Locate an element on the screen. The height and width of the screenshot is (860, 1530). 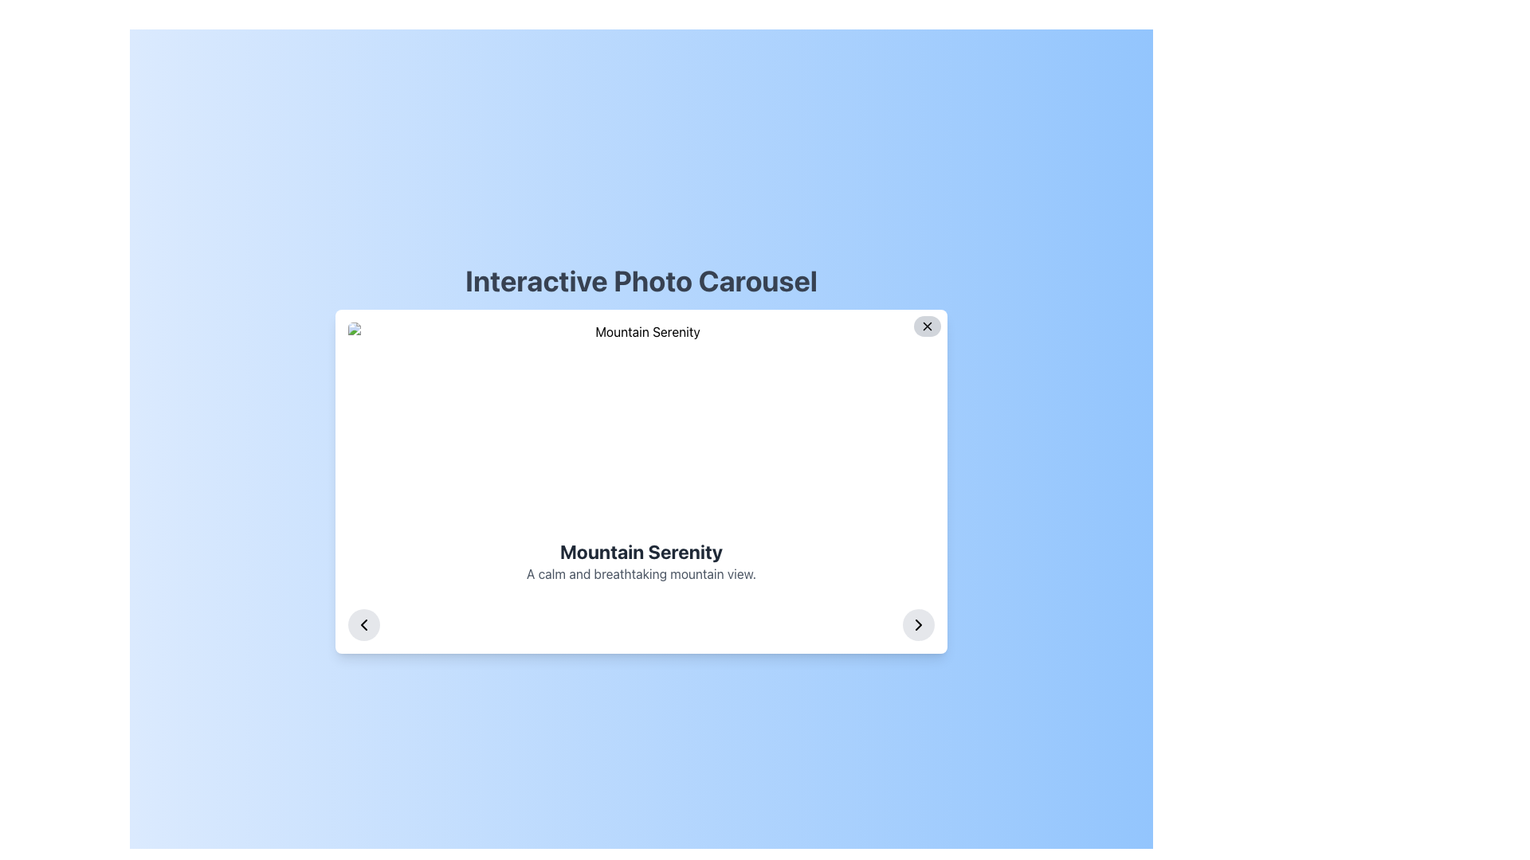
the close button located in the top-right corner of the 'Interactive Photo Carousel' dialog box to trigger hover effects is located at coordinates (927, 325).